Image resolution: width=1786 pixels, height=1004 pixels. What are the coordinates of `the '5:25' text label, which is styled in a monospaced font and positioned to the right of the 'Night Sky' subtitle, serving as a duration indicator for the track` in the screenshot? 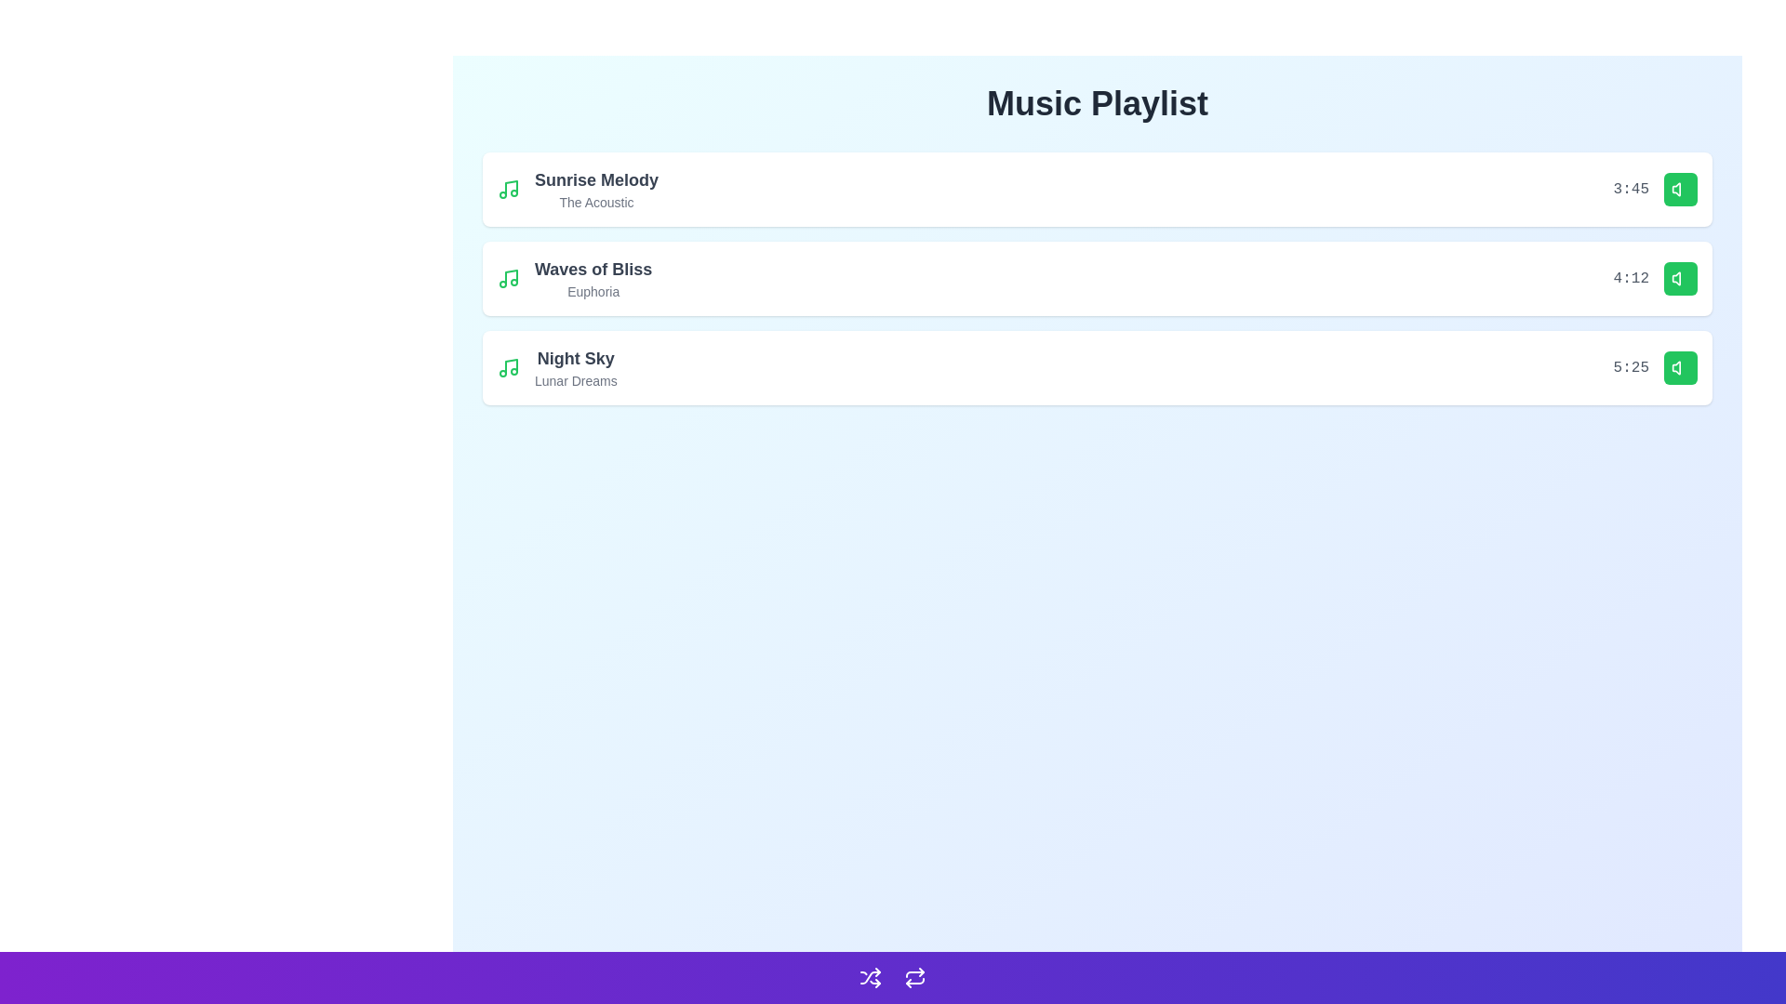 It's located at (1655, 368).